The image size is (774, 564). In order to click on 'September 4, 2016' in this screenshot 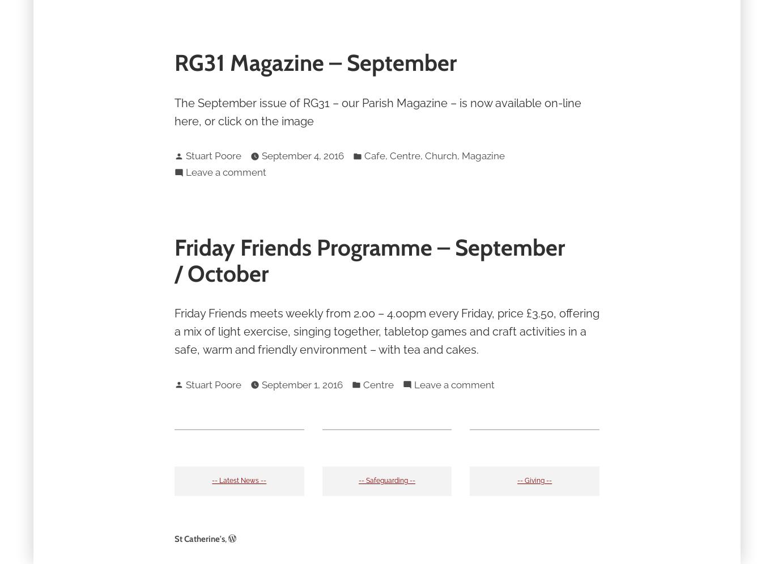, I will do `click(303, 155)`.